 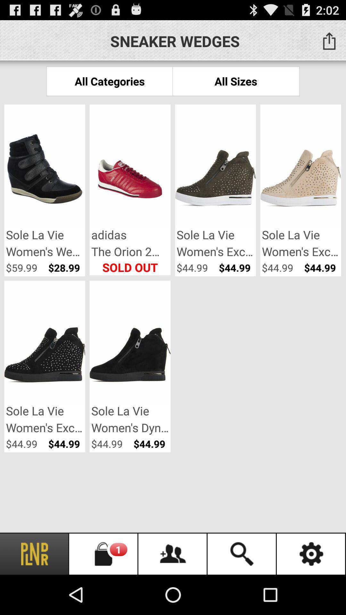 What do you see at coordinates (236, 81) in the screenshot?
I see `the all sizes` at bounding box center [236, 81].